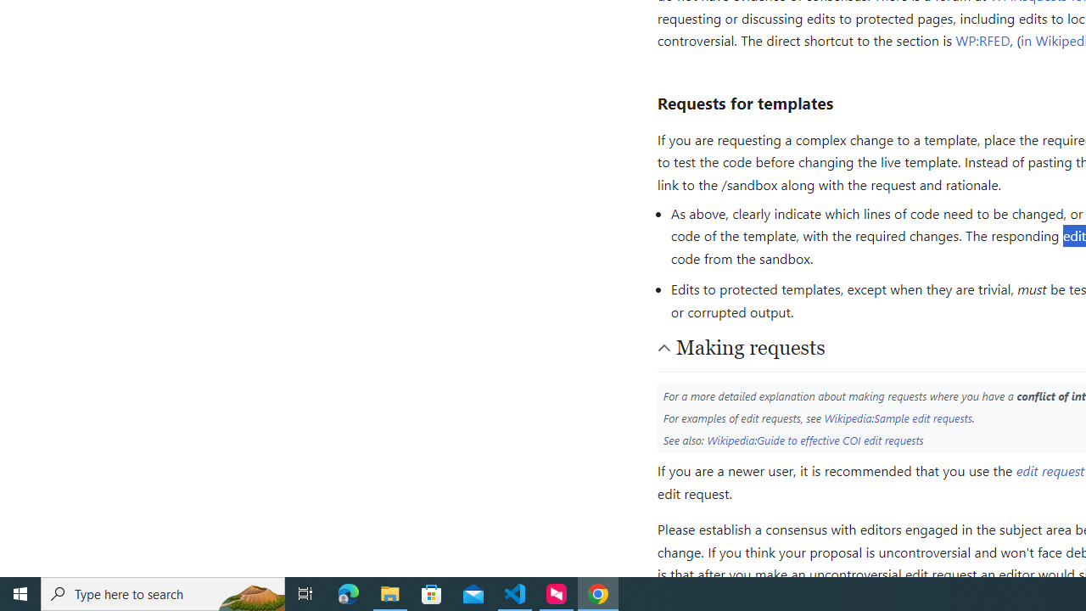 This screenshot has width=1086, height=611. What do you see at coordinates (982, 39) in the screenshot?
I see `'WP:RFED'` at bounding box center [982, 39].